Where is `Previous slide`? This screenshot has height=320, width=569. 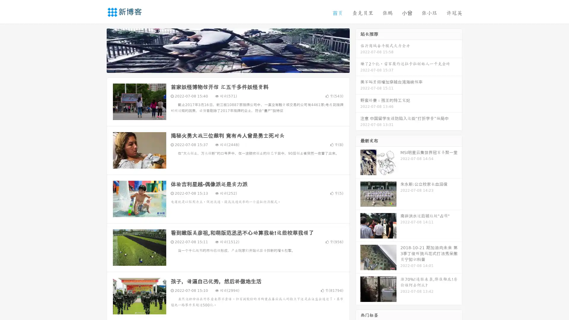 Previous slide is located at coordinates (98, 50).